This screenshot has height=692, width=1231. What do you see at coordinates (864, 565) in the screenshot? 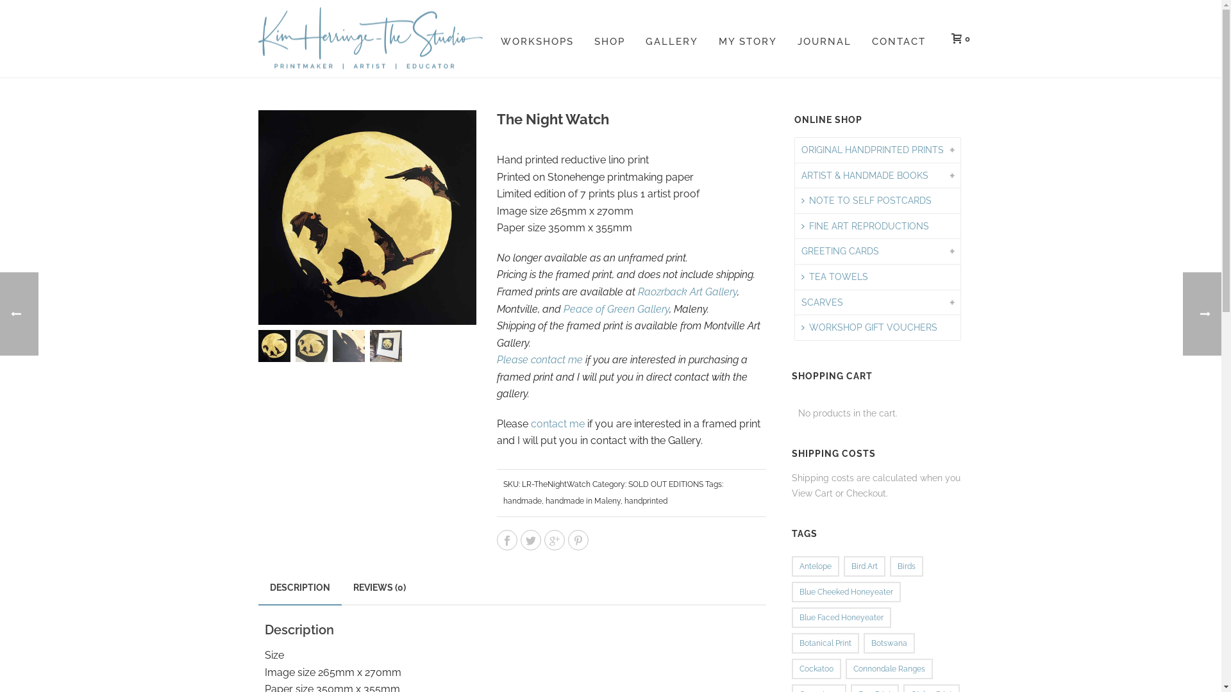
I see `'Bird Art'` at bounding box center [864, 565].